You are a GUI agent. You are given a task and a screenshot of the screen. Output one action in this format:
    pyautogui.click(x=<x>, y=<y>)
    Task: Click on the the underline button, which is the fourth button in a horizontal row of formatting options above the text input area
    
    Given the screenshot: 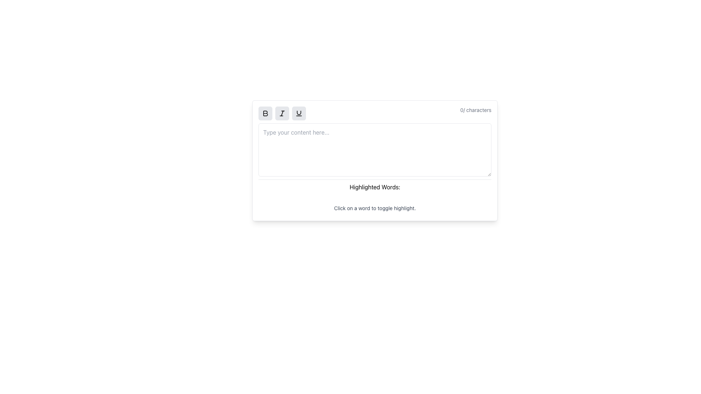 What is the action you would take?
    pyautogui.click(x=299, y=113)
    